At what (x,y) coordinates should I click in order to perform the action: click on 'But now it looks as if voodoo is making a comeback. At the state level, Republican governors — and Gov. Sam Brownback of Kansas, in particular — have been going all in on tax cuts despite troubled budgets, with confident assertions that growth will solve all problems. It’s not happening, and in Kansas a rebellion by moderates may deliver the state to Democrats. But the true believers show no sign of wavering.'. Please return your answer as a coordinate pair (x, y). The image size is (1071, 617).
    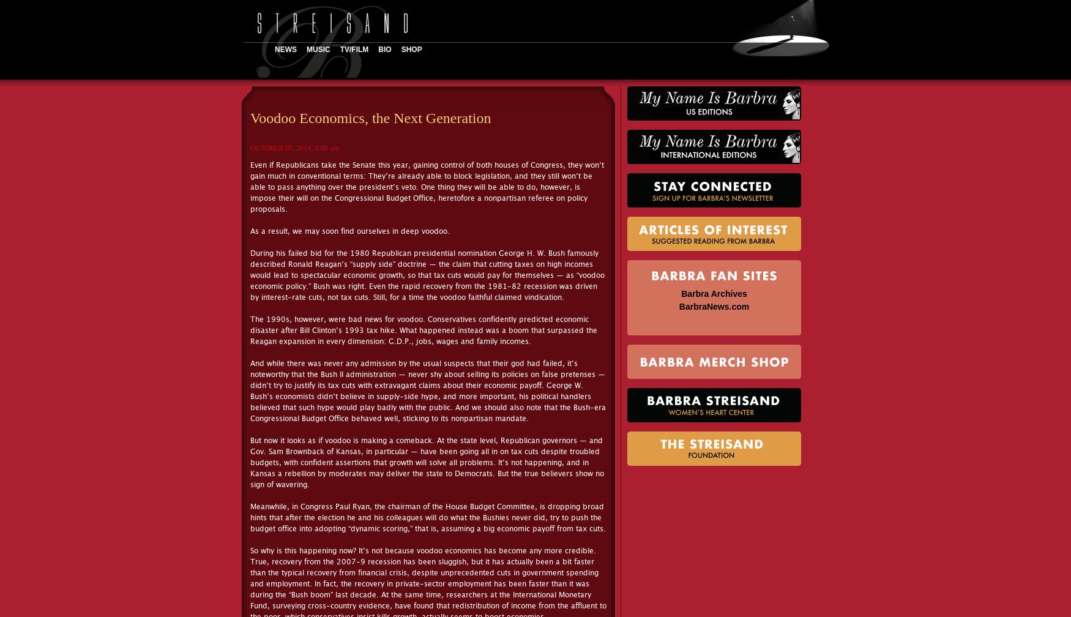
    Looking at the image, I should click on (427, 463).